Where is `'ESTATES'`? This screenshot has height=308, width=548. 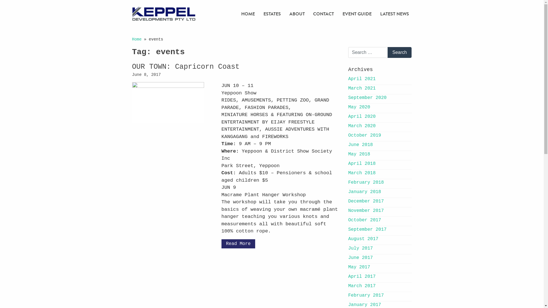
'ESTATES' is located at coordinates (272, 13).